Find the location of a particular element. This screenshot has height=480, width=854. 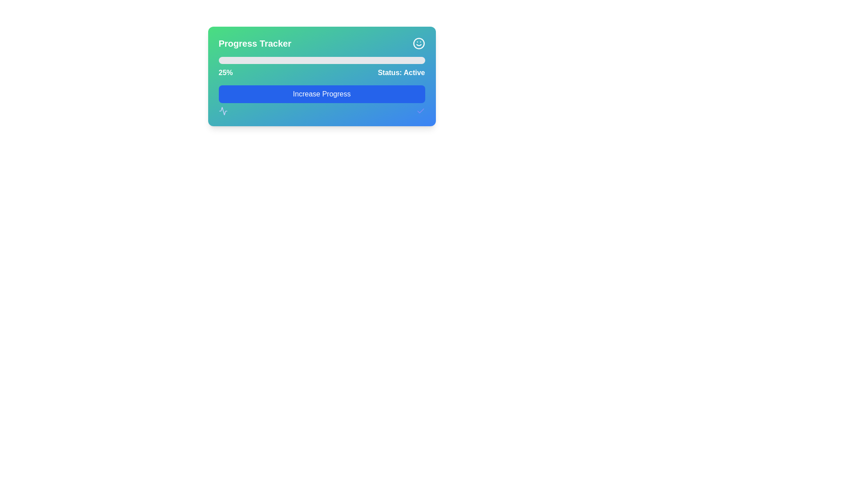

the decorative icon in the top-right section of the 'Progress Tracker' interface, which represents a positive mood is located at coordinates (418, 43).